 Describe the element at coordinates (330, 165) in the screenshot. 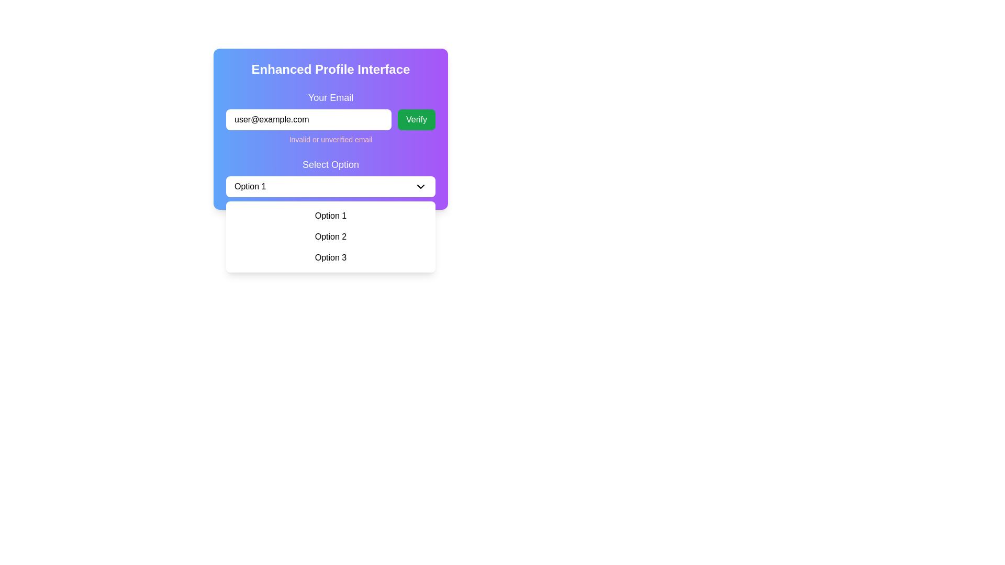

I see `the 'Select Option' label, which is a large text label positioned at the top of the dropdown menu` at that location.